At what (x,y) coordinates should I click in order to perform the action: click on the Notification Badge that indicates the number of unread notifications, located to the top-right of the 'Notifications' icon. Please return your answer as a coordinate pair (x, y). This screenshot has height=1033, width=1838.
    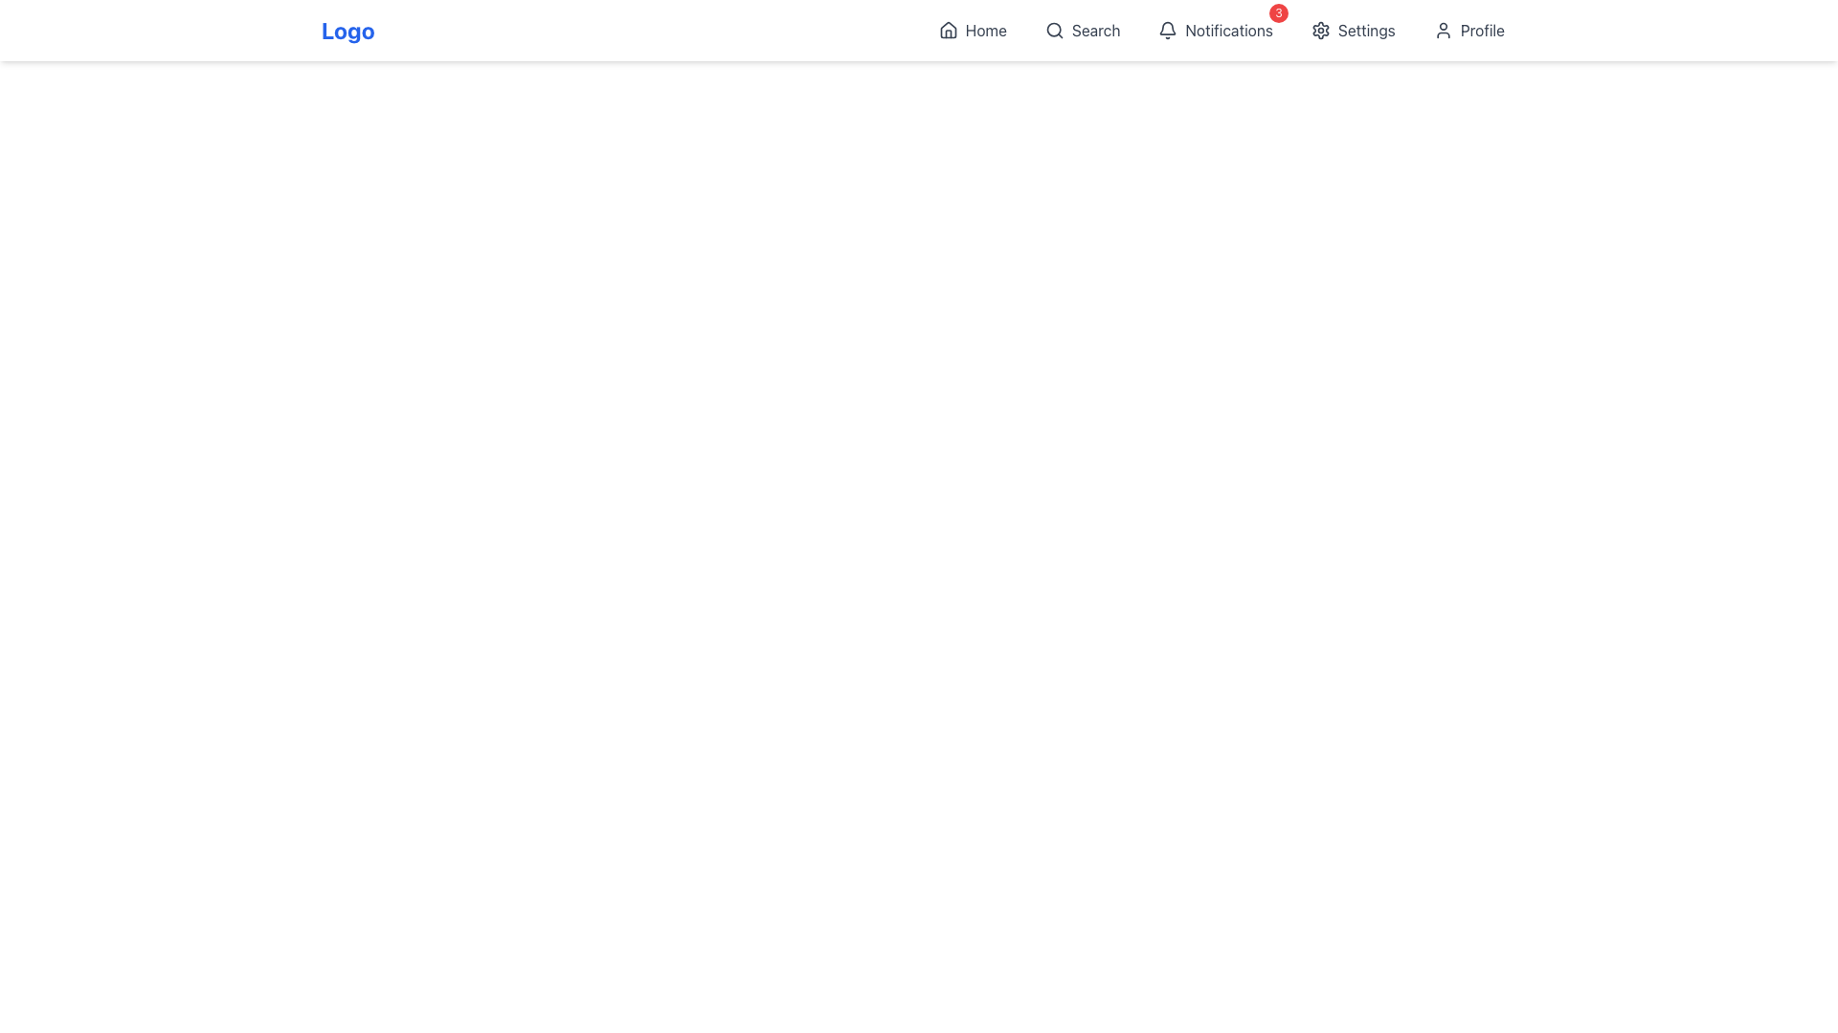
    Looking at the image, I should click on (1278, 13).